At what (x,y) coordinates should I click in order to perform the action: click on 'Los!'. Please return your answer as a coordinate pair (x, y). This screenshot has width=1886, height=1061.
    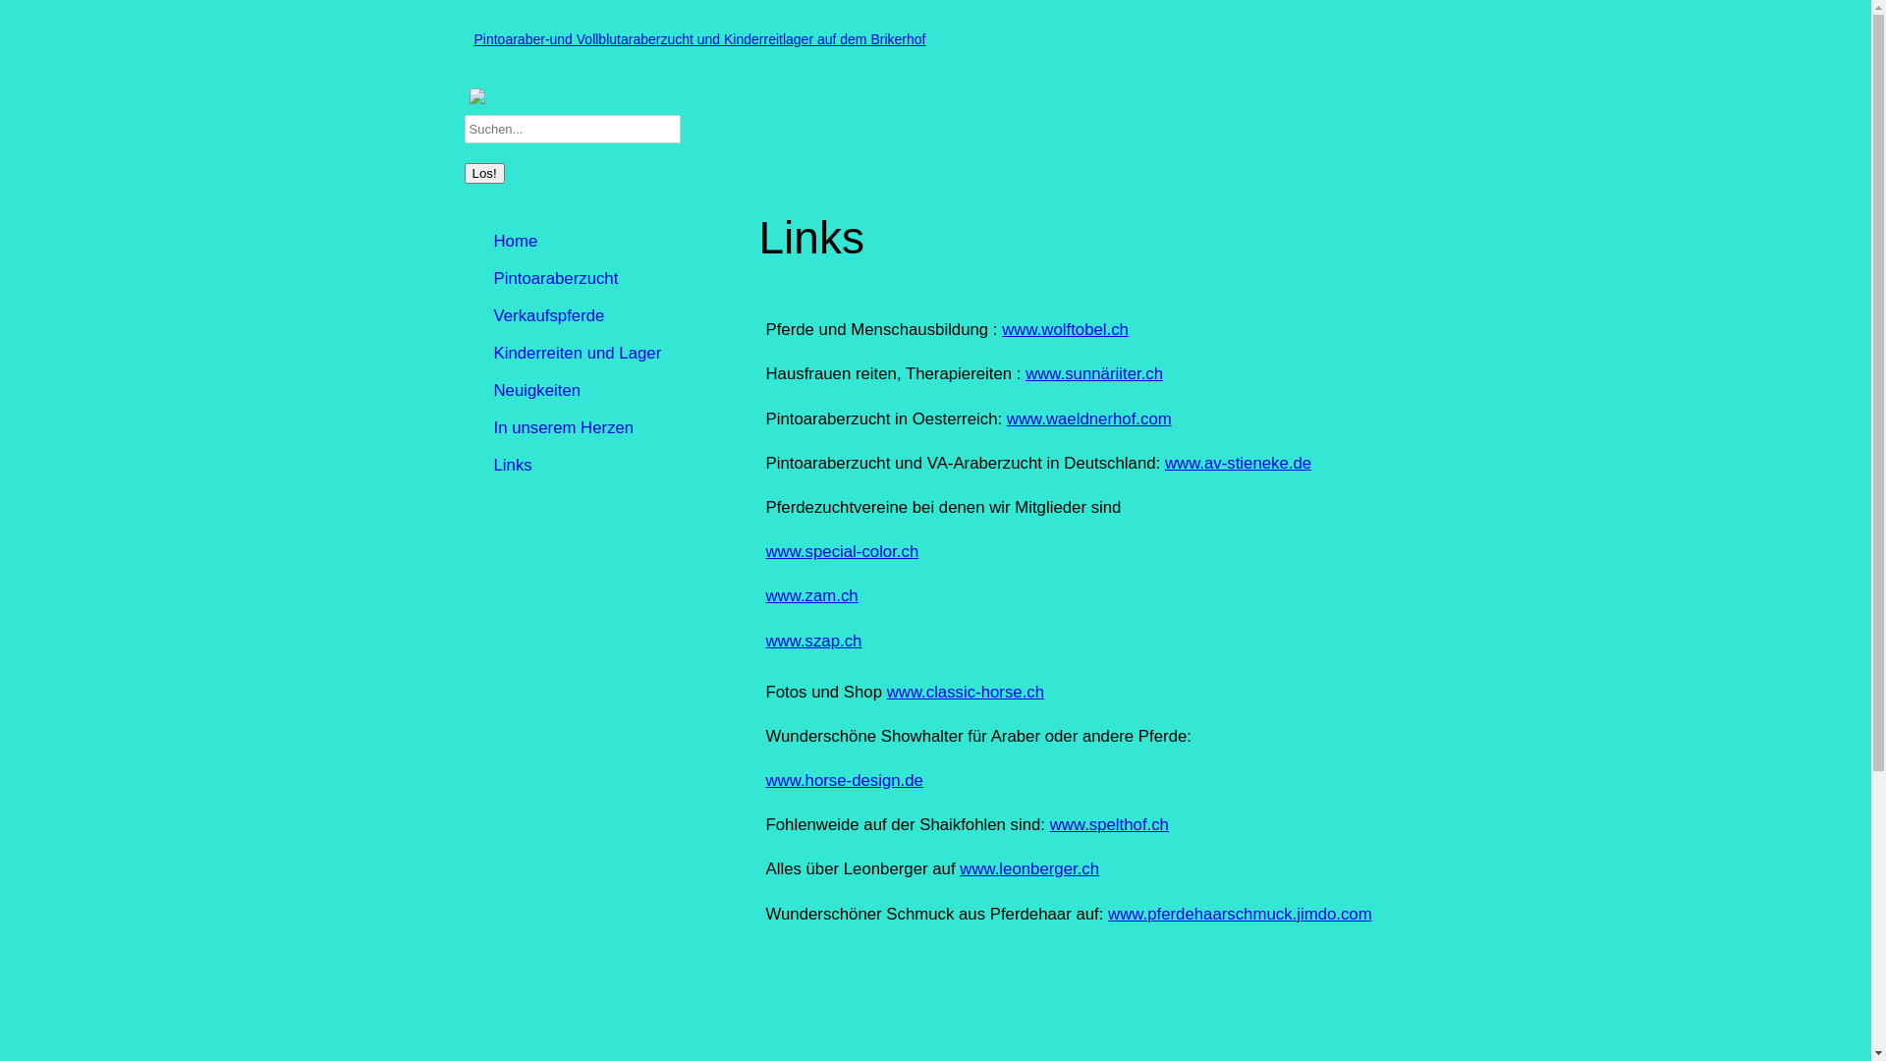
    Looking at the image, I should click on (483, 172).